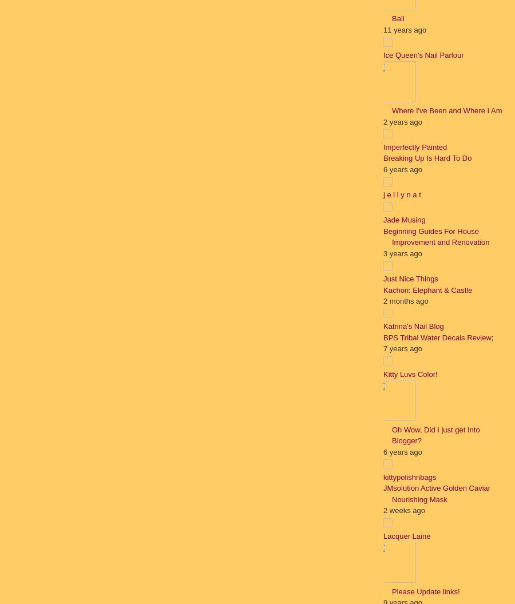  What do you see at coordinates (409, 476) in the screenshot?
I see `'kittypolishnbags'` at bounding box center [409, 476].